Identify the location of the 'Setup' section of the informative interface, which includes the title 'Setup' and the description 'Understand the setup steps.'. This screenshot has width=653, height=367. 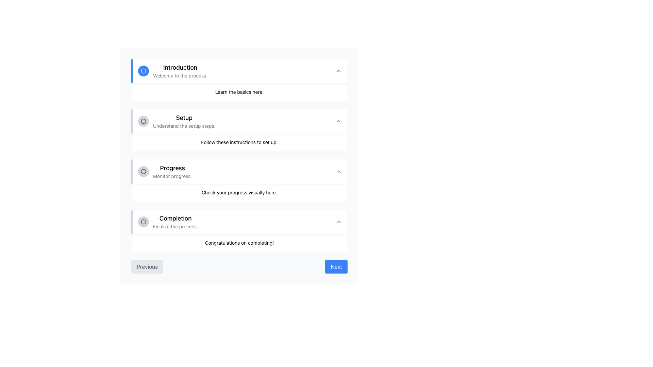
(239, 130).